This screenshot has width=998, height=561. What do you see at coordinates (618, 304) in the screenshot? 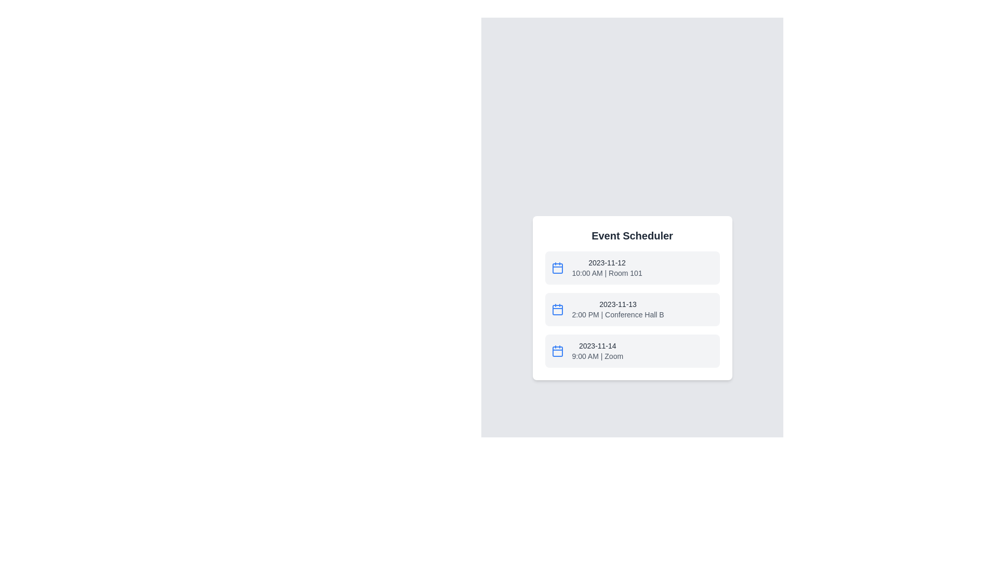
I see `the date label displaying '2023-11-13' in the event scheduler card, located below the card header 'Event Scheduler' for the second entry in the list` at bounding box center [618, 304].